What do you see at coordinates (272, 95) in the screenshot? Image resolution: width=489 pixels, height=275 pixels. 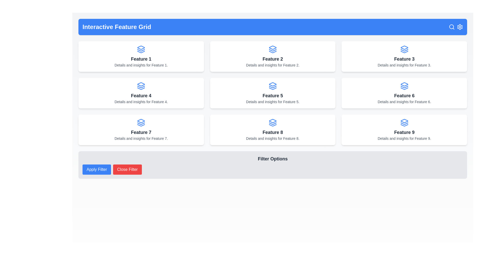 I see `the 'Feature 5' text label, which is styled in bold and larger font size, to associate it with the card for navigation` at bounding box center [272, 95].